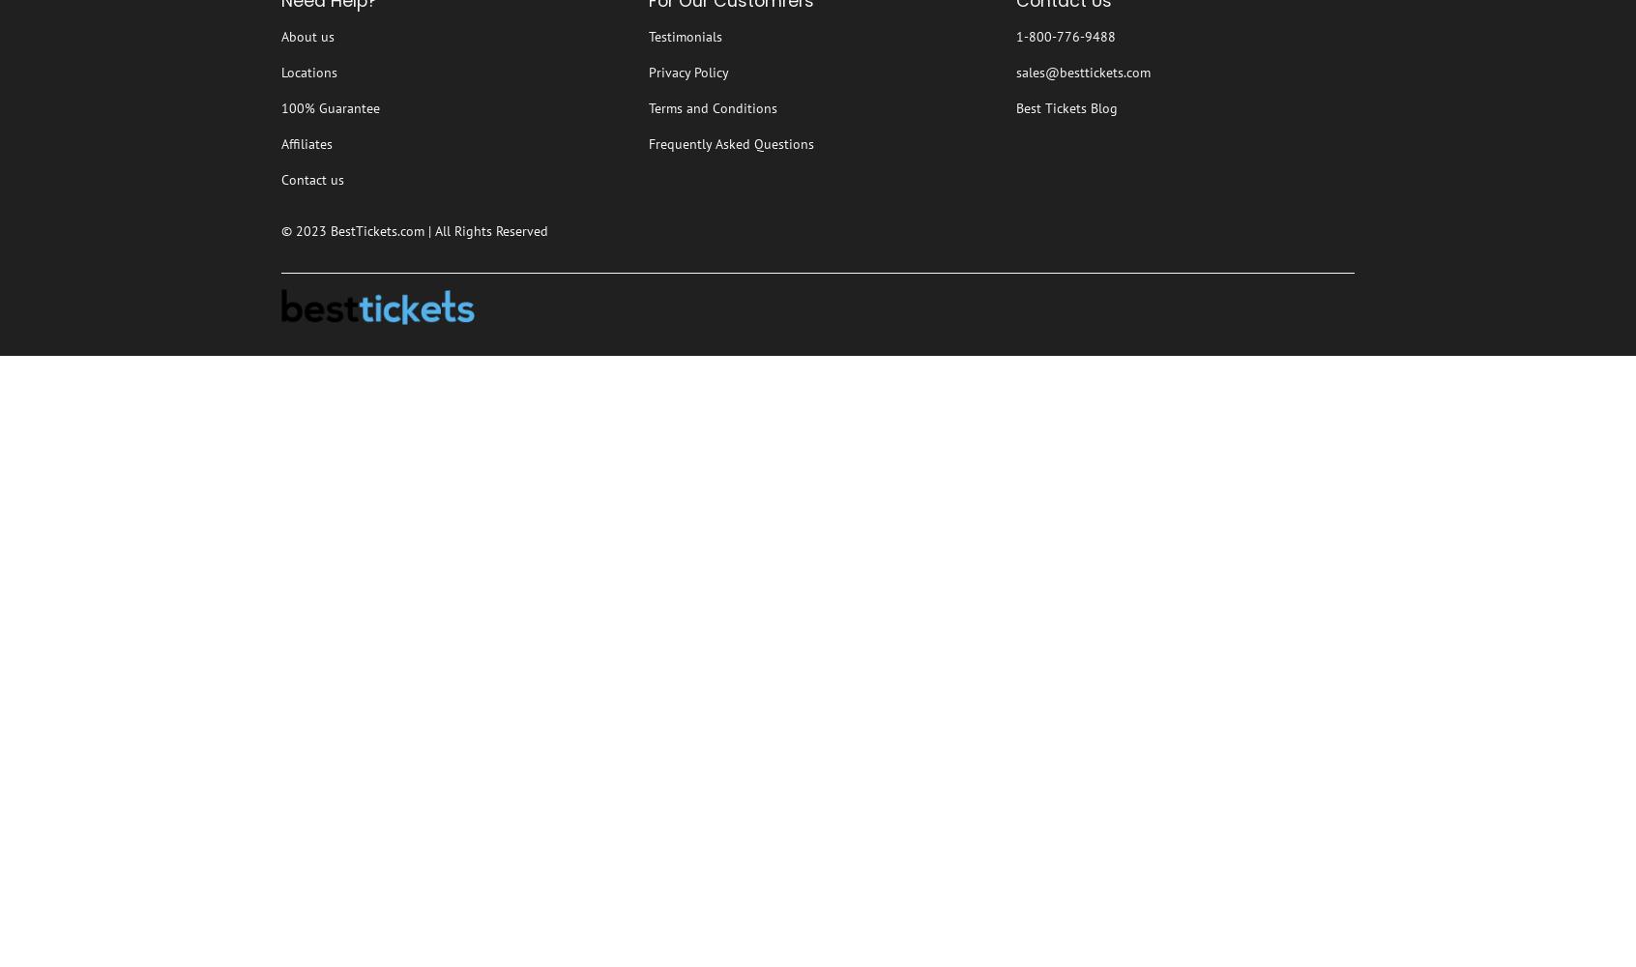 The image size is (1636, 967). I want to click on '100% Guarantee', so click(329, 107).